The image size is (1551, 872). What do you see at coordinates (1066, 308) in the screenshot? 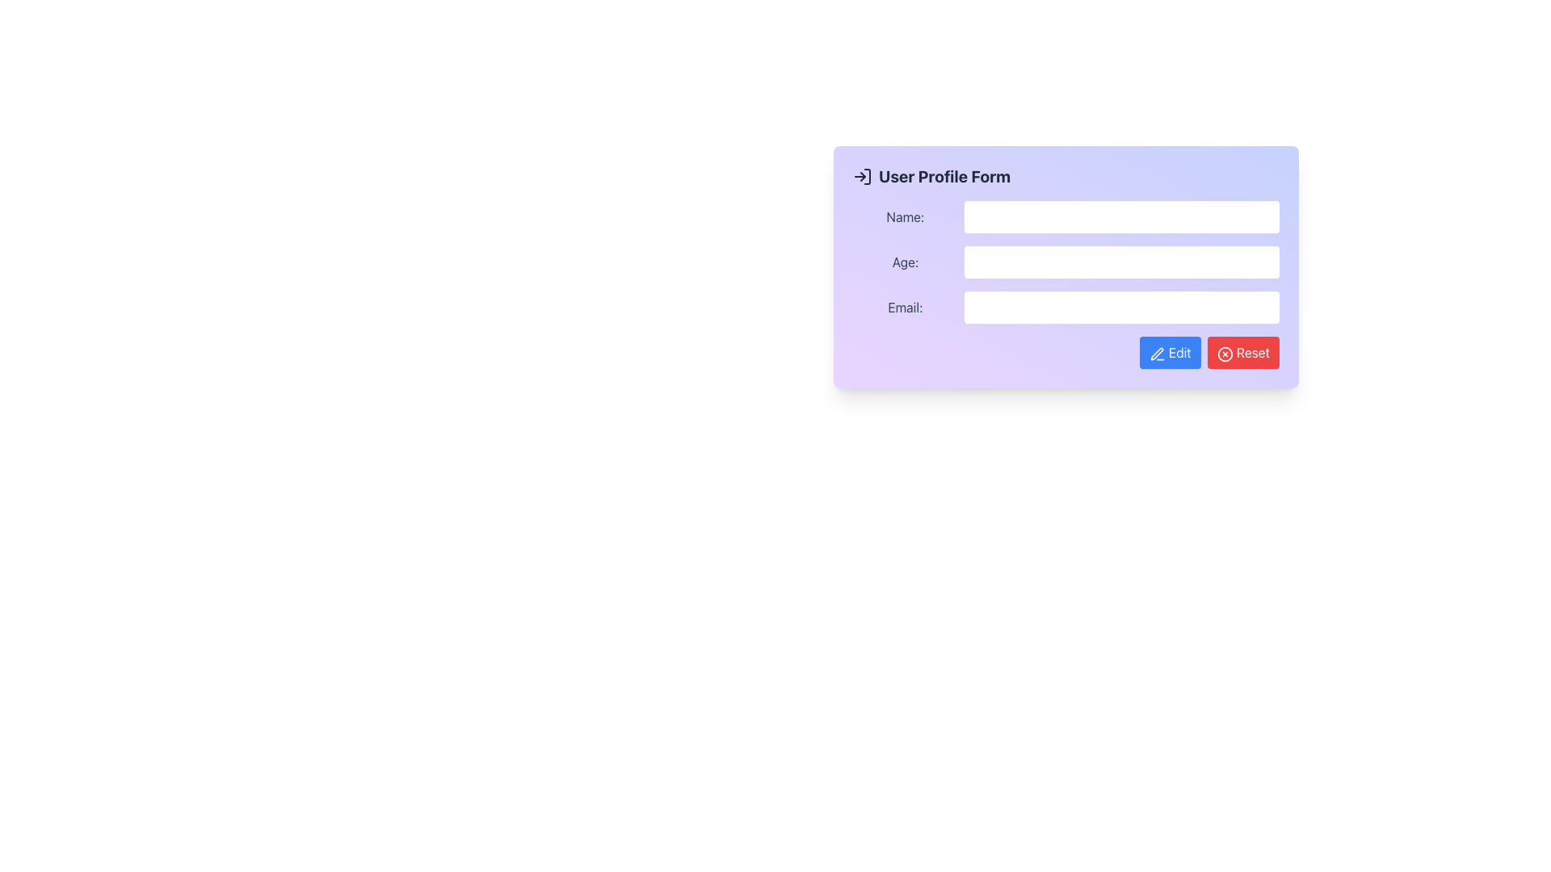
I see `the email input box in the third row of the vertical list of labeled input fields to focus on it` at bounding box center [1066, 308].